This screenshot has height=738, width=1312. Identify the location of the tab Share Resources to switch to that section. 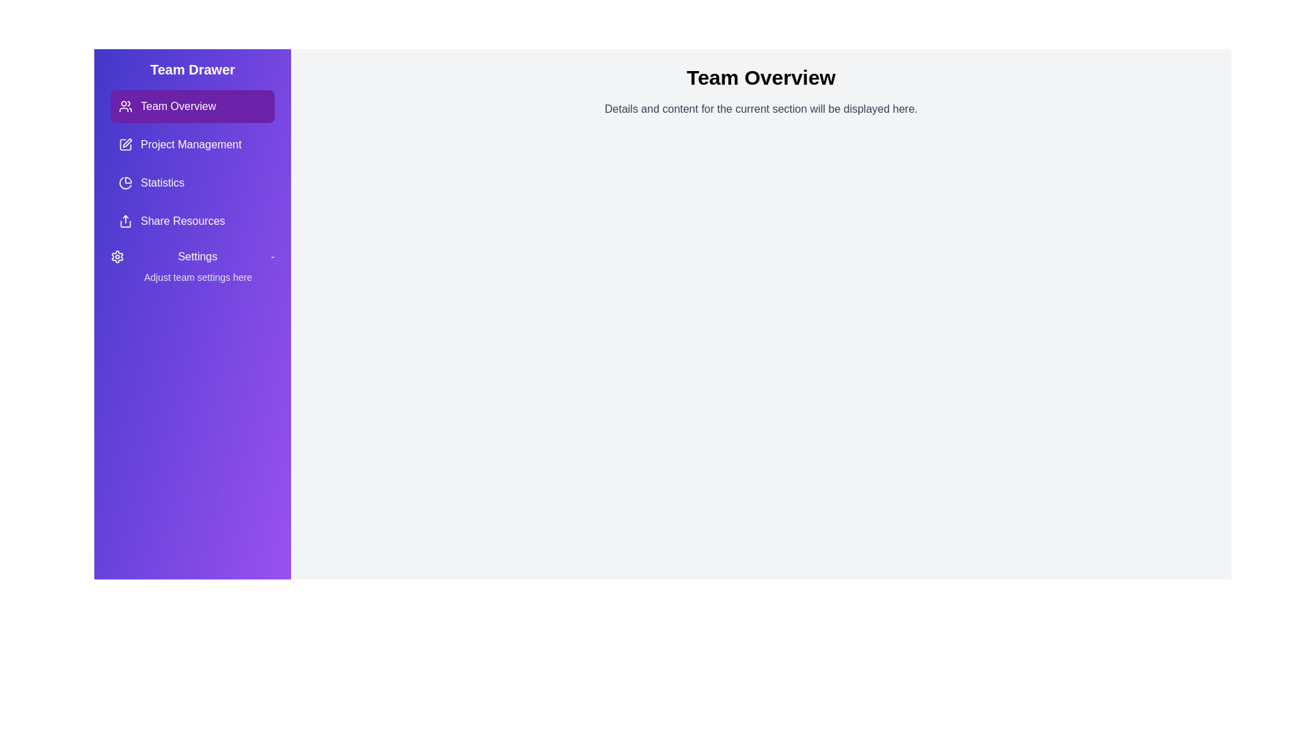
(192, 221).